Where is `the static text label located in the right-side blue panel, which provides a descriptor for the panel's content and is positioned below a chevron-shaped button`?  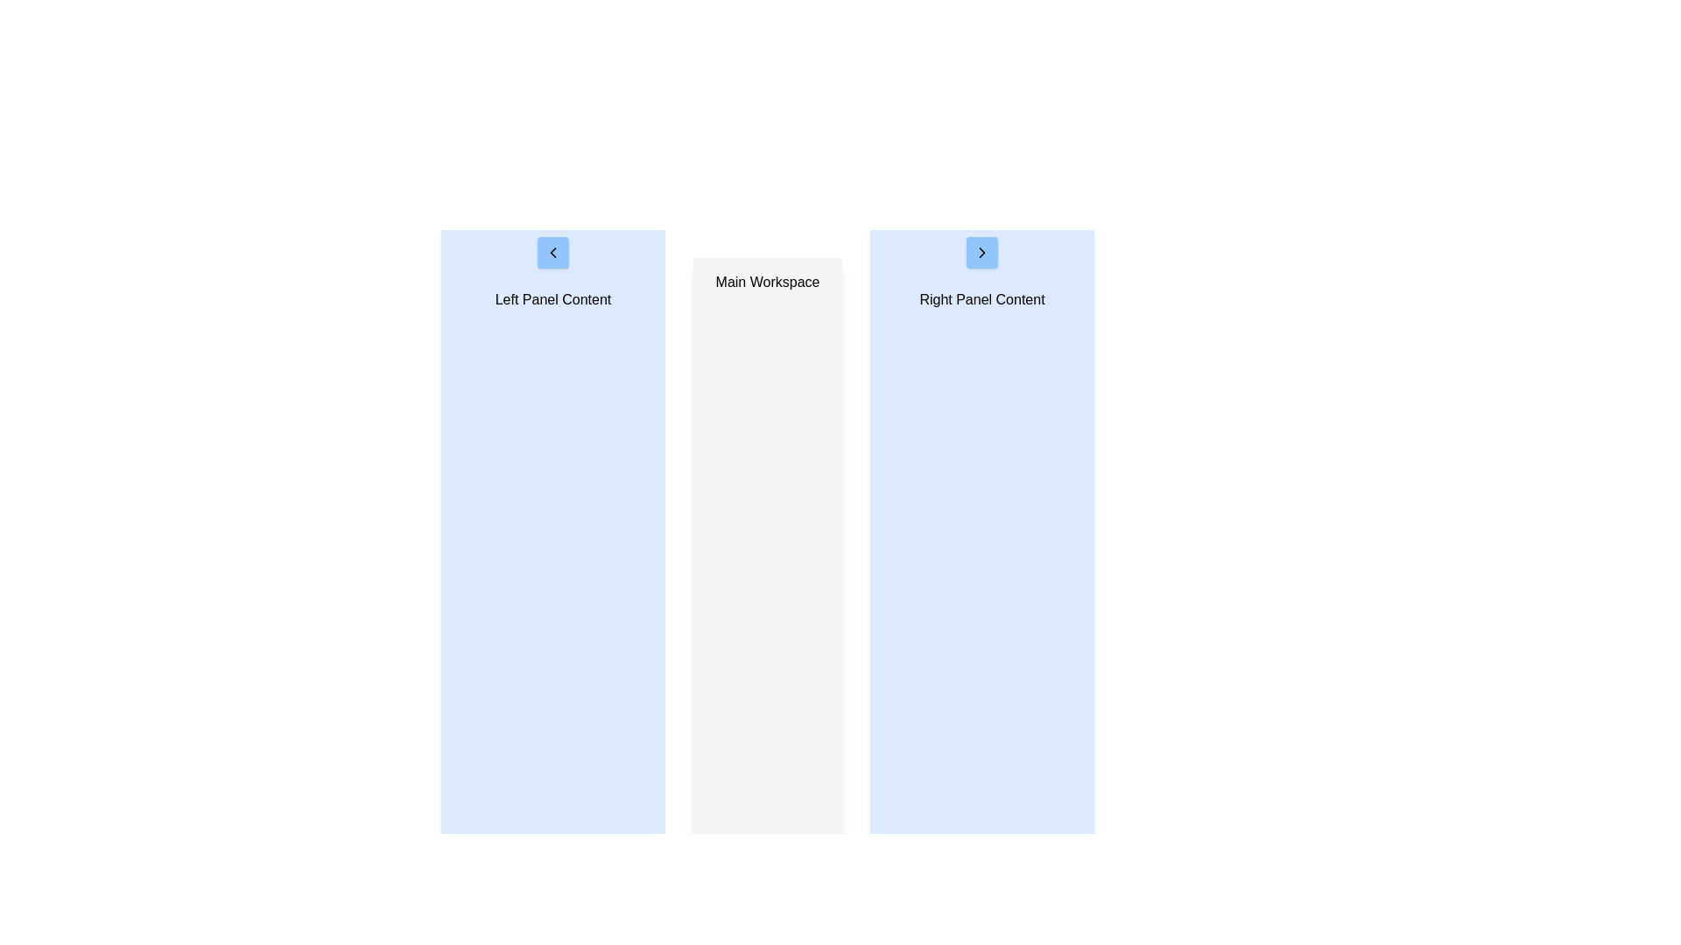
the static text label located in the right-side blue panel, which provides a descriptor for the panel's content and is positioned below a chevron-shaped button is located at coordinates (982, 299).